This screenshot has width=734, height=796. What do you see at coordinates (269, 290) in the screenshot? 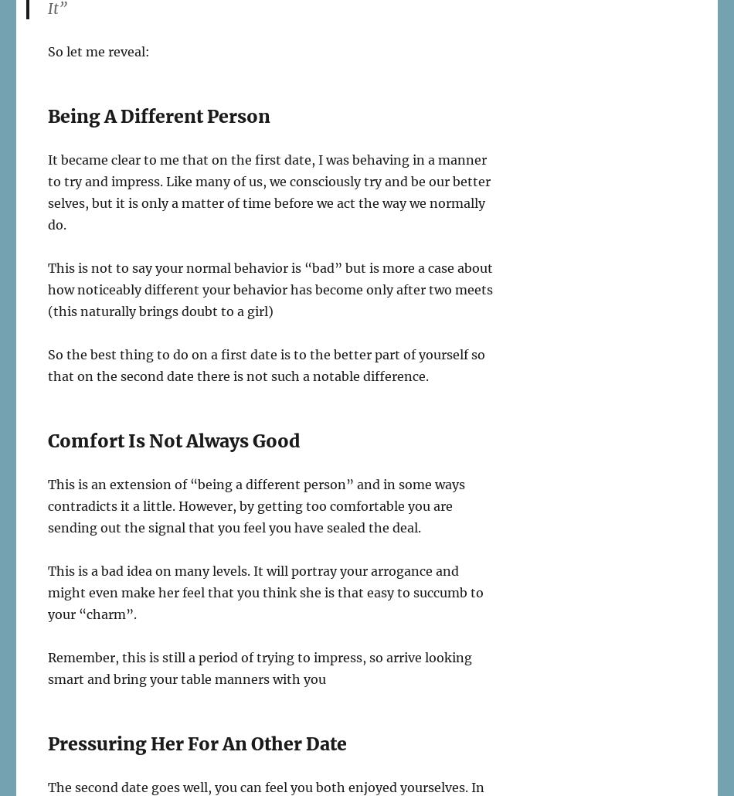
I see `'This is not to say your normal behavior is “bad” but is more a case about how noticeably different your behavior has become only after two meets (this naturally brings doubt to a girl)'` at bounding box center [269, 290].